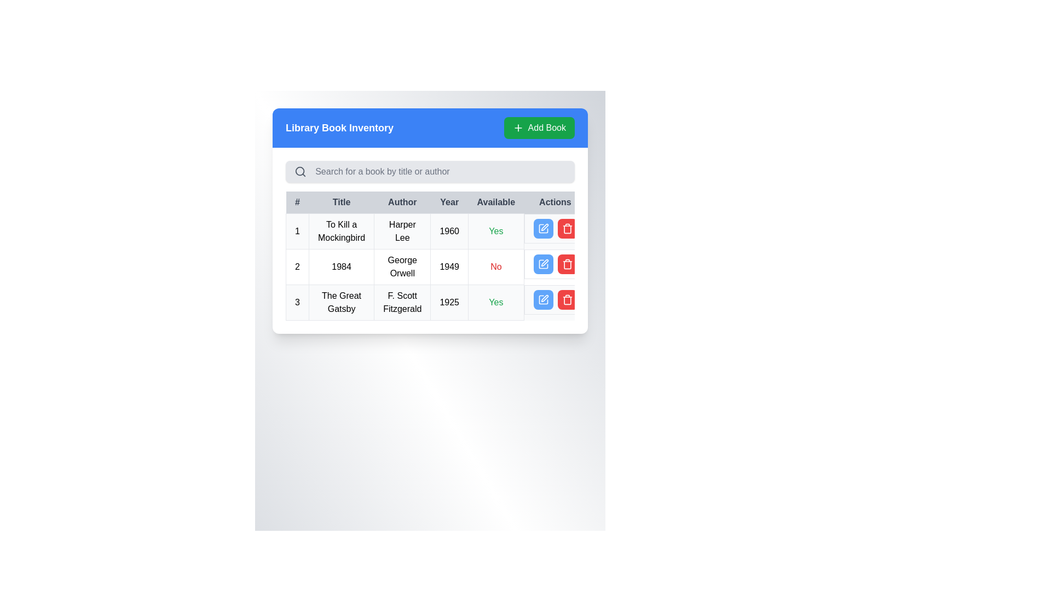 Image resolution: width=1051 pixels, height=591 pixels. I want to click on the 'Title' text label located in the second column of the table header, which is styled with a light gray background and displays the word 'Title' in bold, so click(341, 202).